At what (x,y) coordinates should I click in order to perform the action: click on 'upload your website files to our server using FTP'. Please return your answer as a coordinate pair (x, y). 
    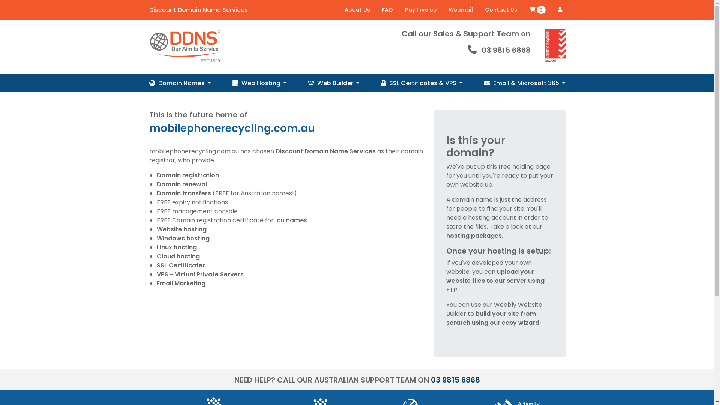
    Looking at the image, I should click on (495, 280).